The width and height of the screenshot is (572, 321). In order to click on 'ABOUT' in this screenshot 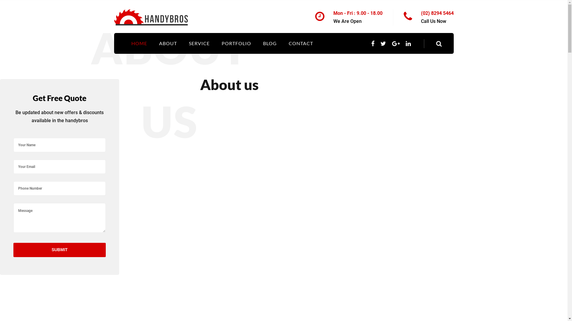, I will do `click(154, 43)`.